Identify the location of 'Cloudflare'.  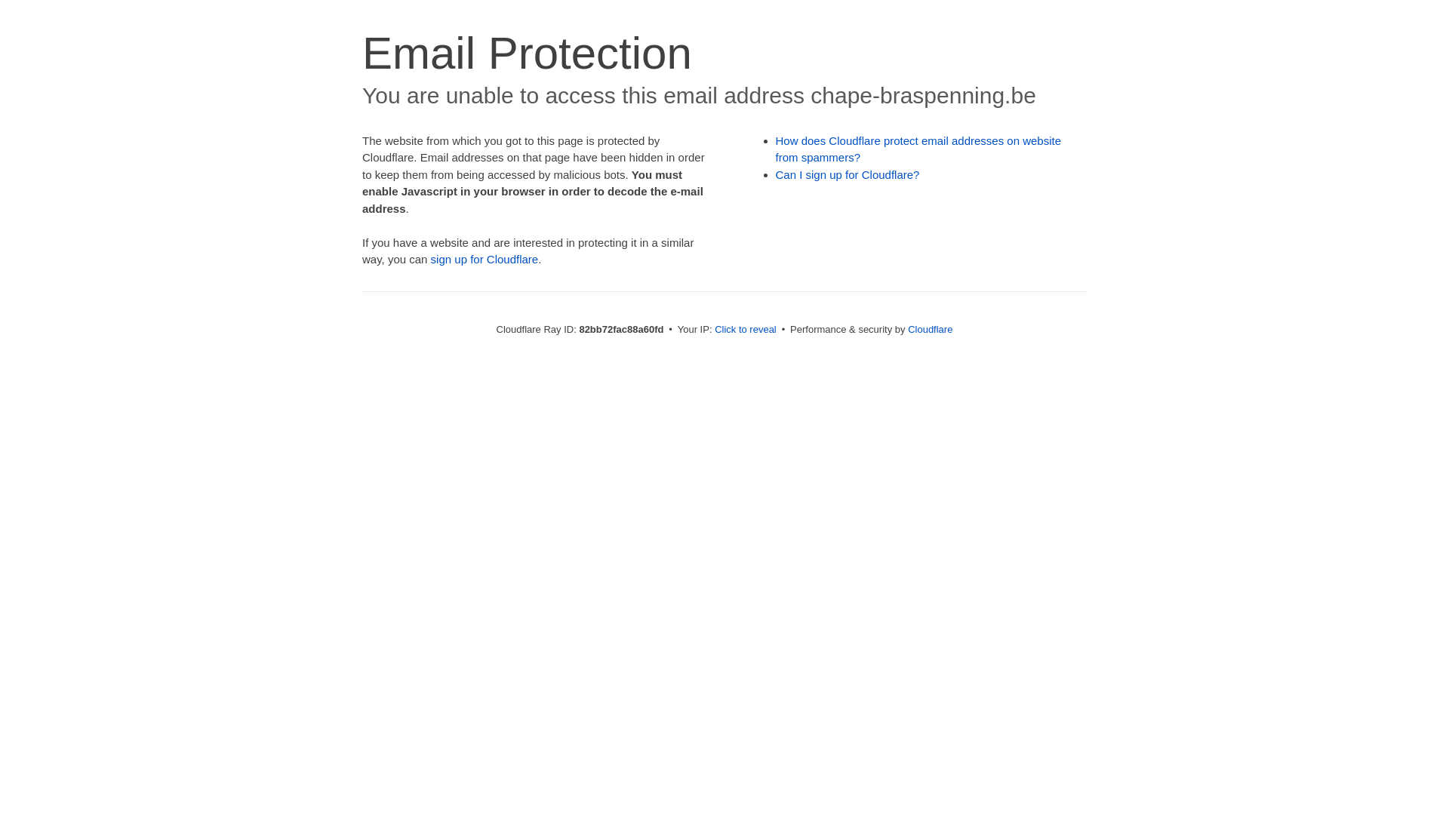
(907, 328).